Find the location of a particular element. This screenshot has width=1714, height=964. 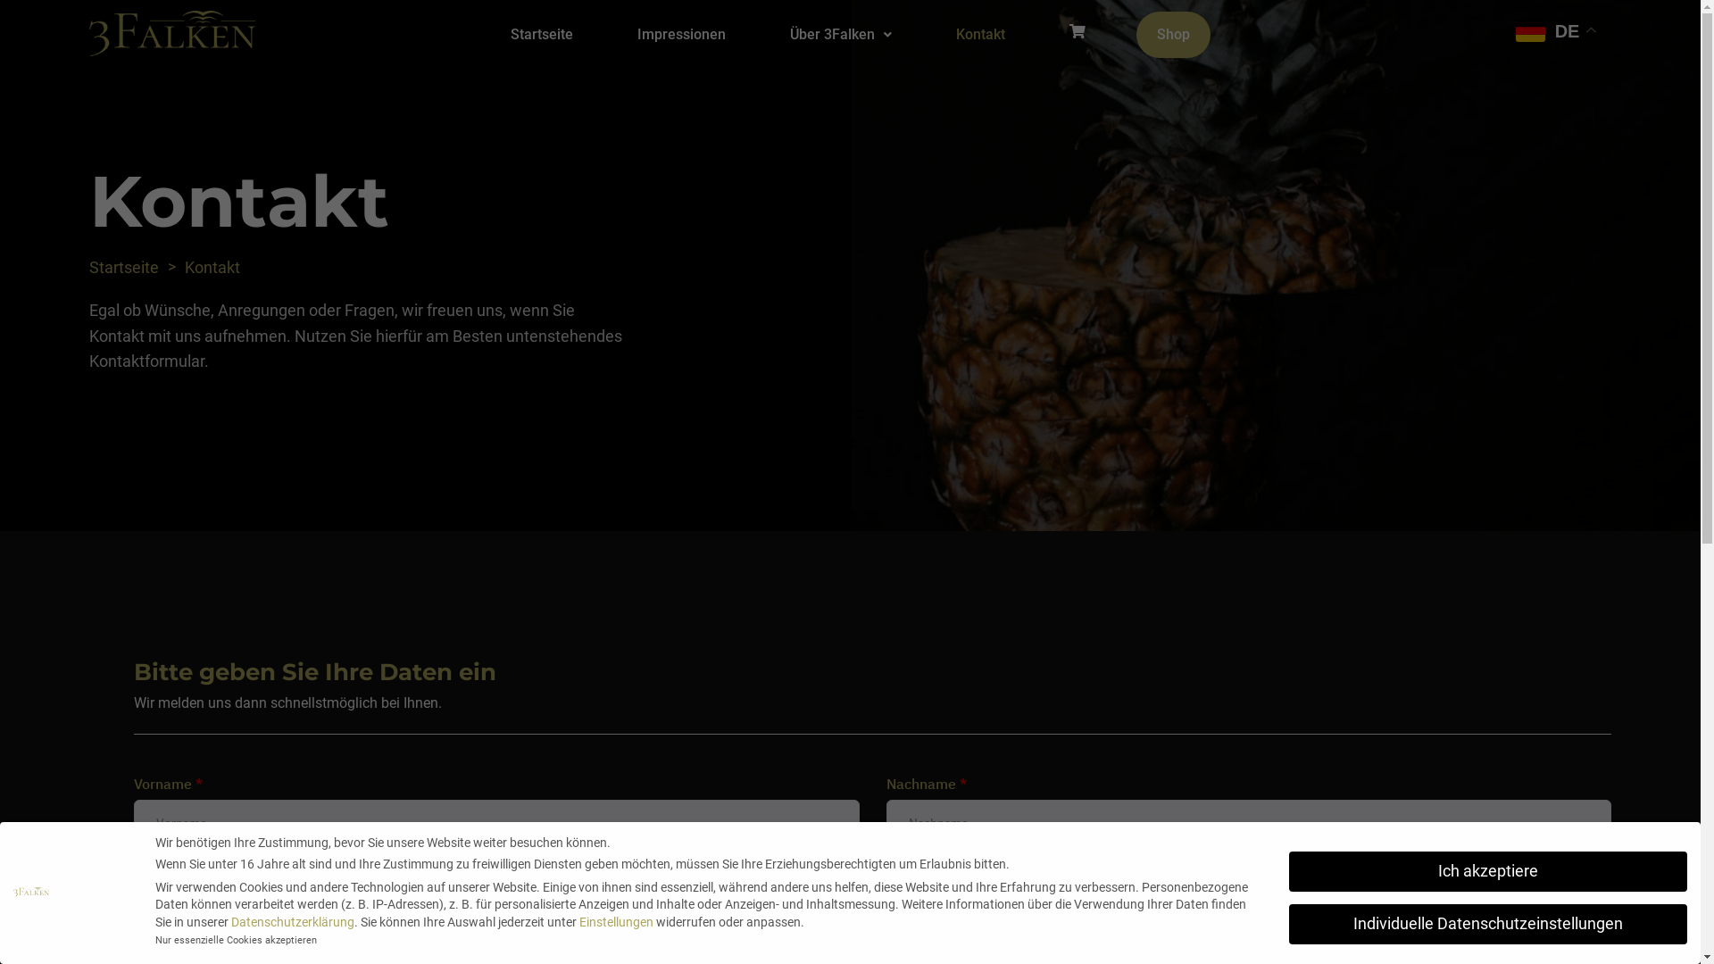

'Ich akzeptiere' is located at coordinates (1487, 870).